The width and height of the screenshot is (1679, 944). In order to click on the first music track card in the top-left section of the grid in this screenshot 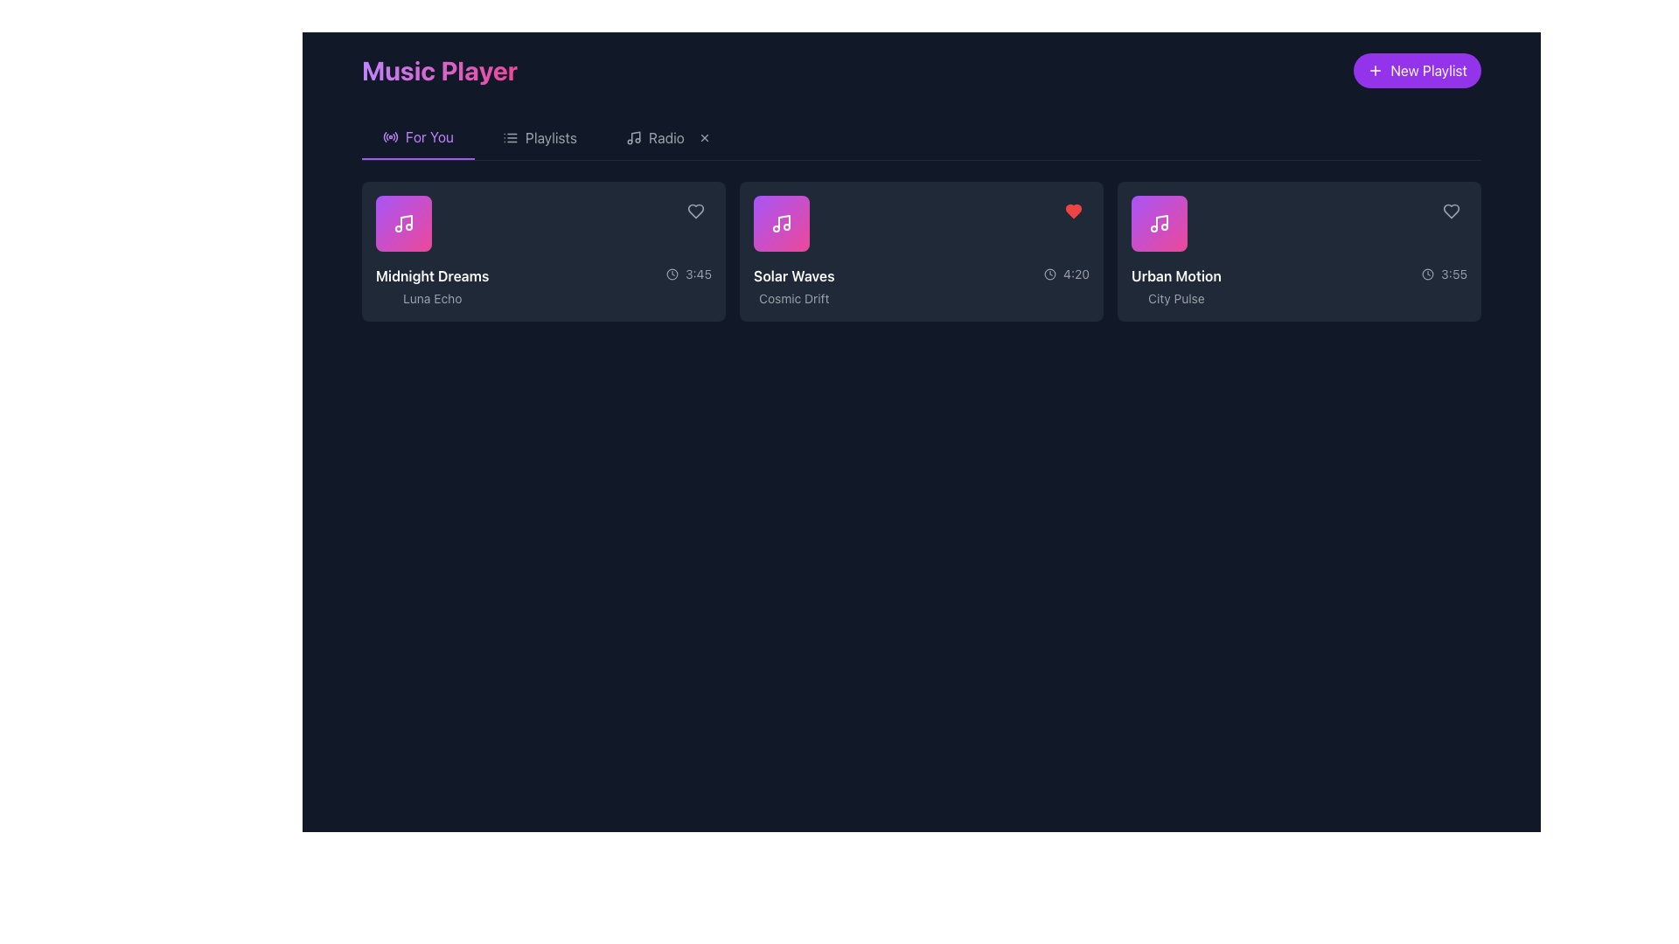, I will do `click(543, 252)`.